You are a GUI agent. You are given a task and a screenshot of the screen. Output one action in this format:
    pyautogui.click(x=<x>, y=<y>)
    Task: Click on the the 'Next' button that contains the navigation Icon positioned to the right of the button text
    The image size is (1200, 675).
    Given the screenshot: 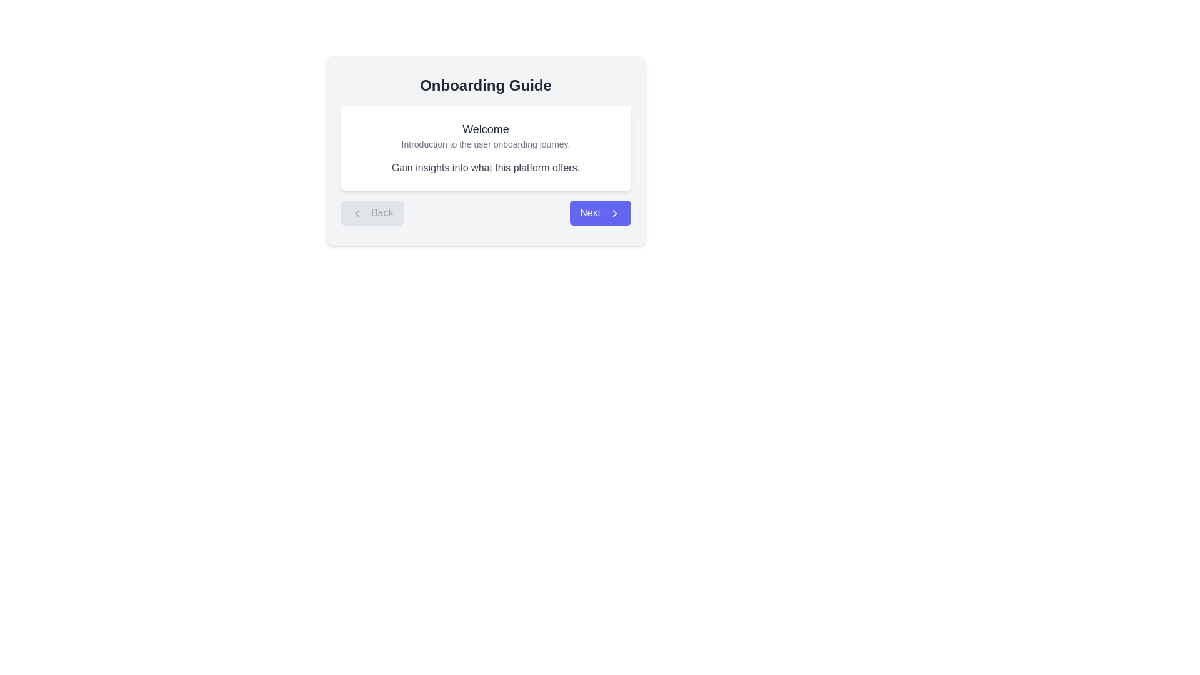 What is the action you would take?
    pyautogui.click(x=614, y=212)
    